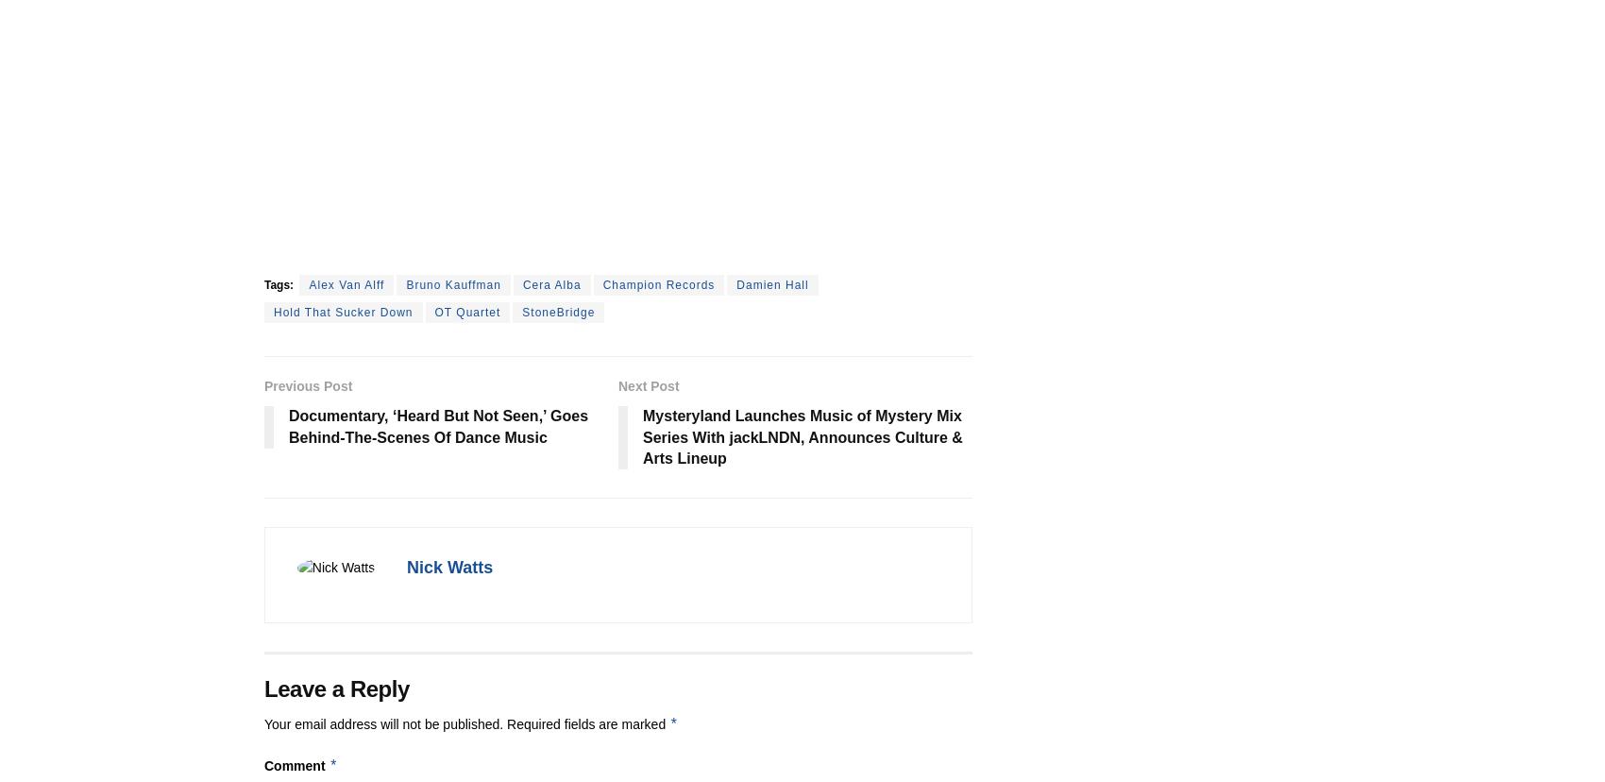 This screenshot has height=782, width=1605. Describe the element at coordinates (263, 764) in the screenshot. I see `'Comment'` at that location.